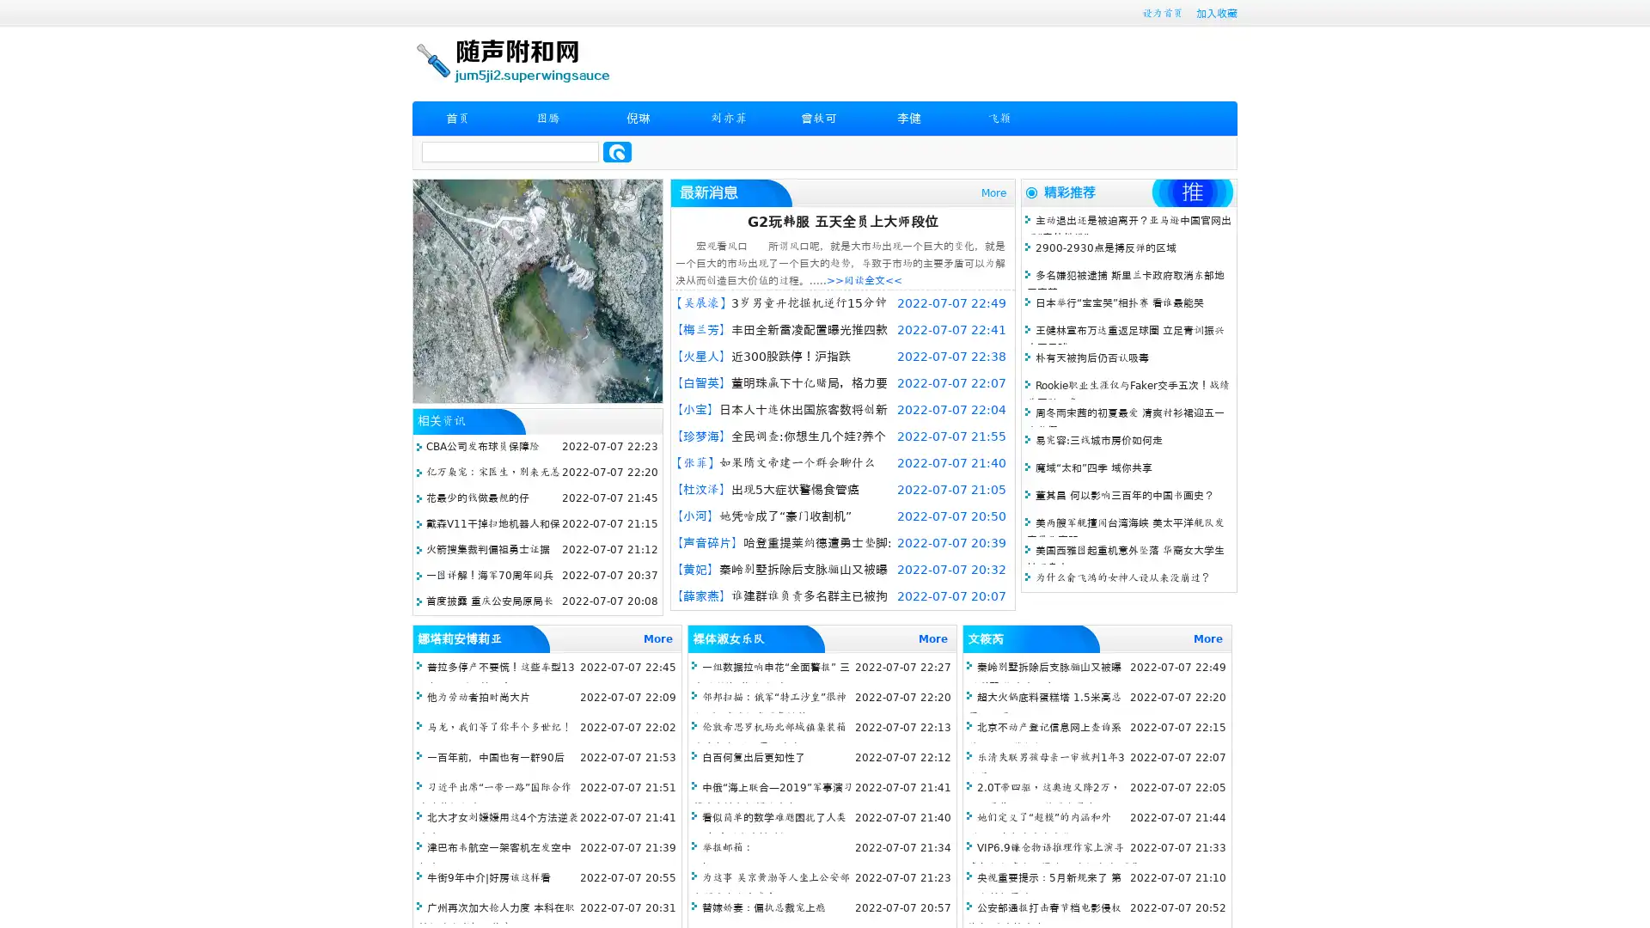 The image size is (1650, 928). Describe the element at coordinates (617, 151) in the screenshot. I see `Search` at that location.